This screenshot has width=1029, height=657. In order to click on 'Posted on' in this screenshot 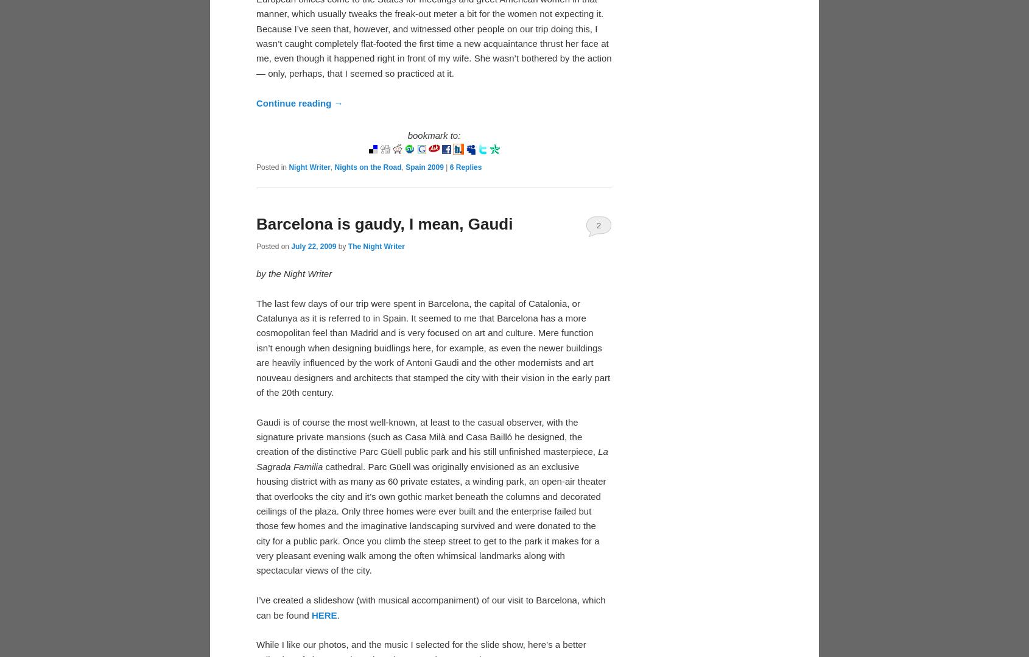, I will do `click(273, 245)`.